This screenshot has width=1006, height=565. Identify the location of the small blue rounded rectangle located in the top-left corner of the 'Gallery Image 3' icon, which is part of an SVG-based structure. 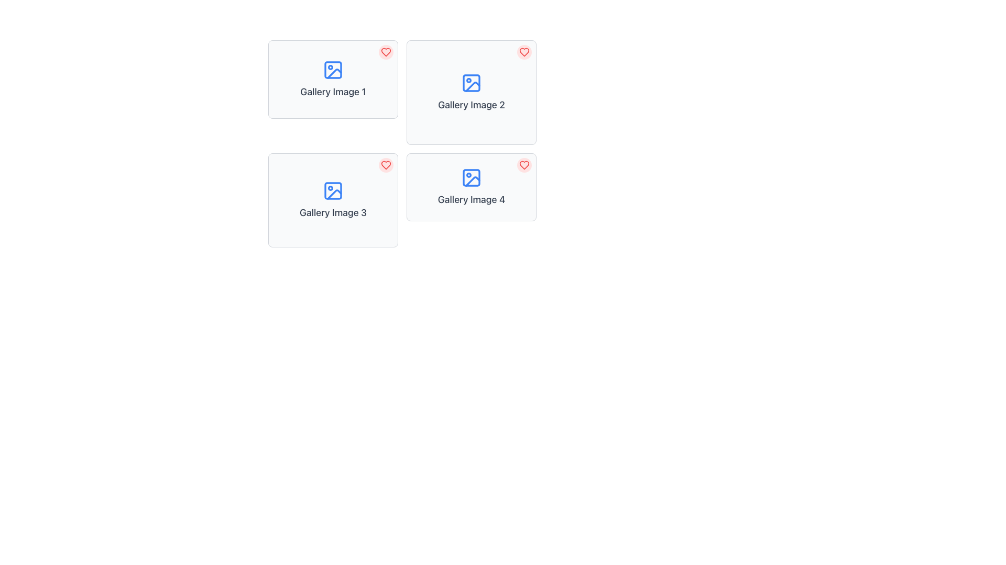
(332, 191).